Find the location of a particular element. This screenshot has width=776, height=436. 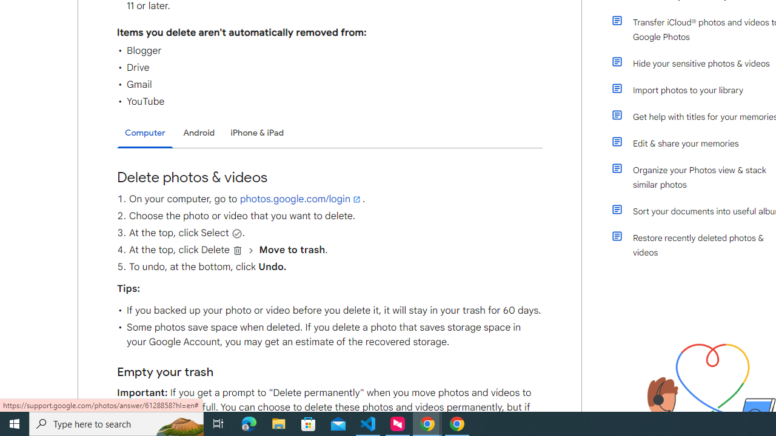

'Delete' is located at coordinates (238, 249).